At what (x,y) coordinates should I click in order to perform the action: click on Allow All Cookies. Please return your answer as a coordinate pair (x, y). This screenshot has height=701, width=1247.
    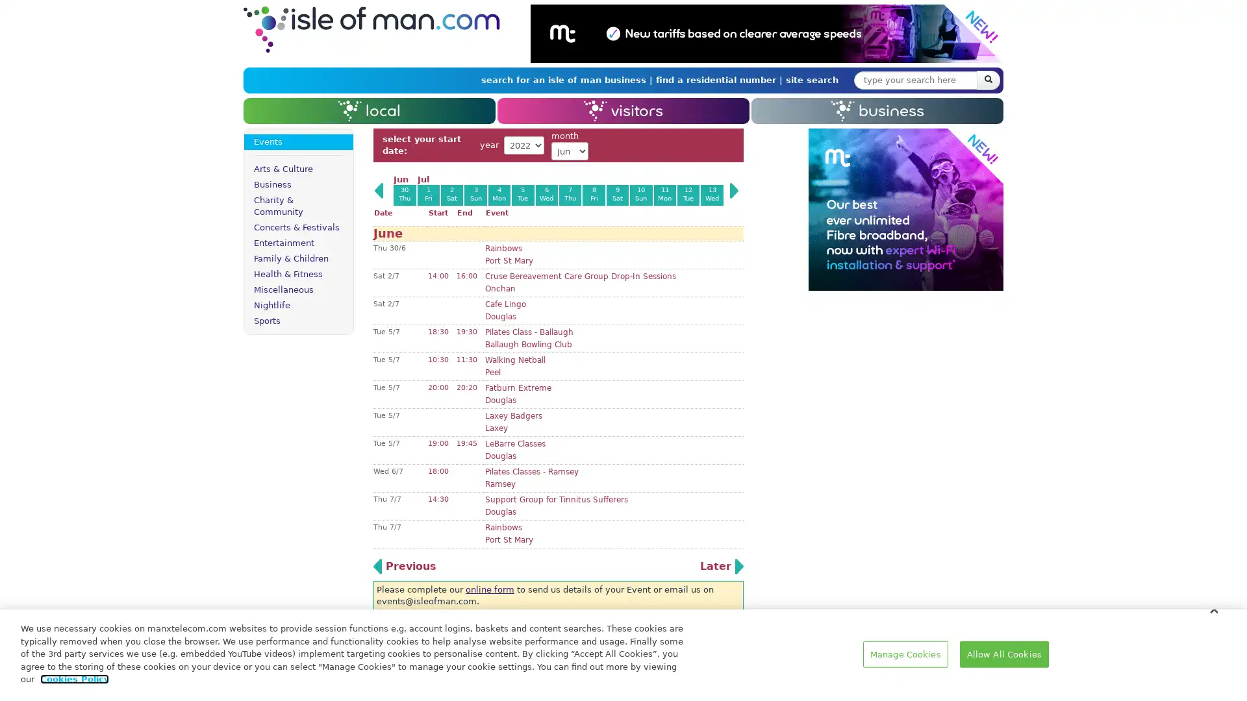
    Looking at the image, I should click on (1003, 654).